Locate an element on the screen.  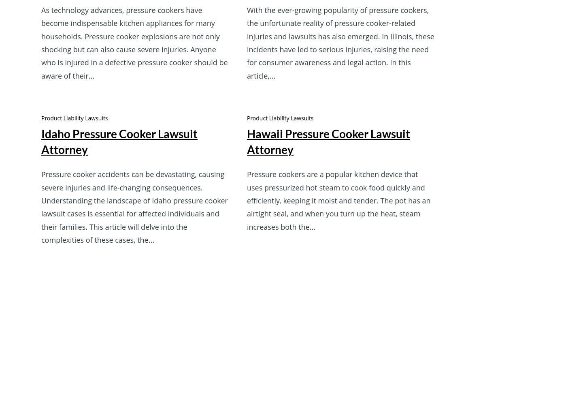
'Office Location' is located at coordinates (443, 206).